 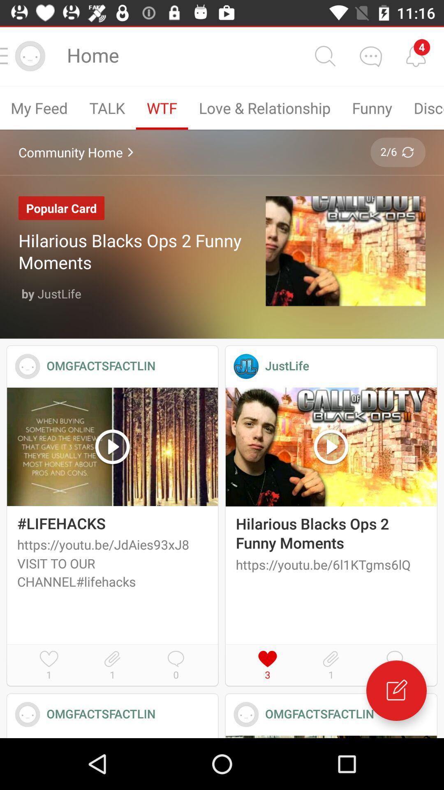 I want to click on the chat icon, so click(x=370, y=56).